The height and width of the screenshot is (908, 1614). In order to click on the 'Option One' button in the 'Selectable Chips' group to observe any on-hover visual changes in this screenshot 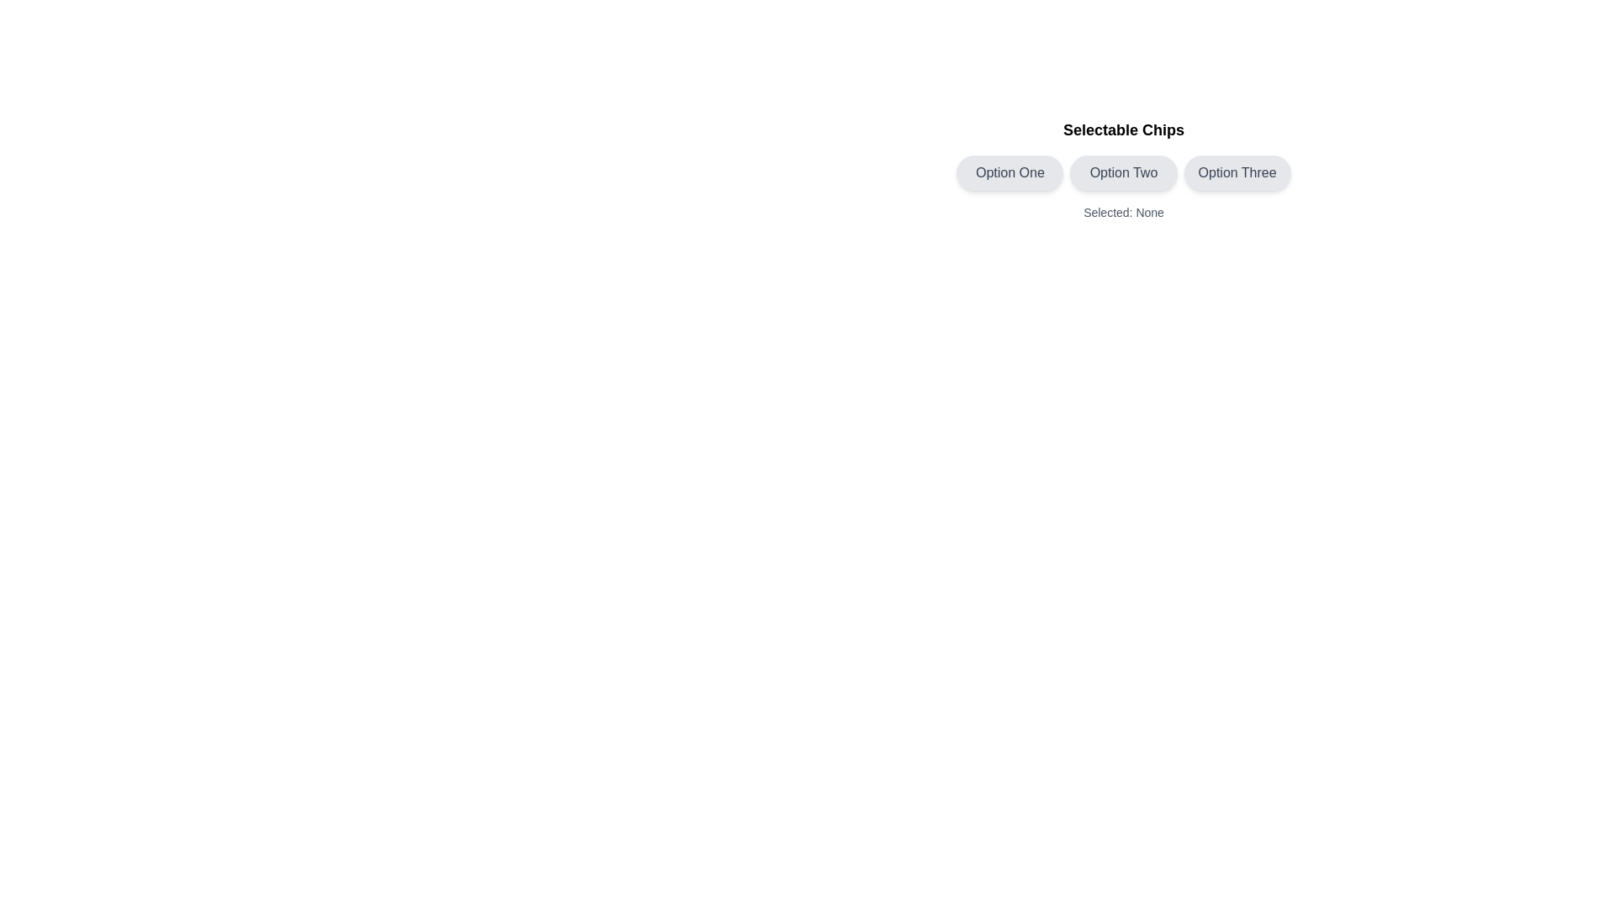, I will do `click(1009, 172)`.